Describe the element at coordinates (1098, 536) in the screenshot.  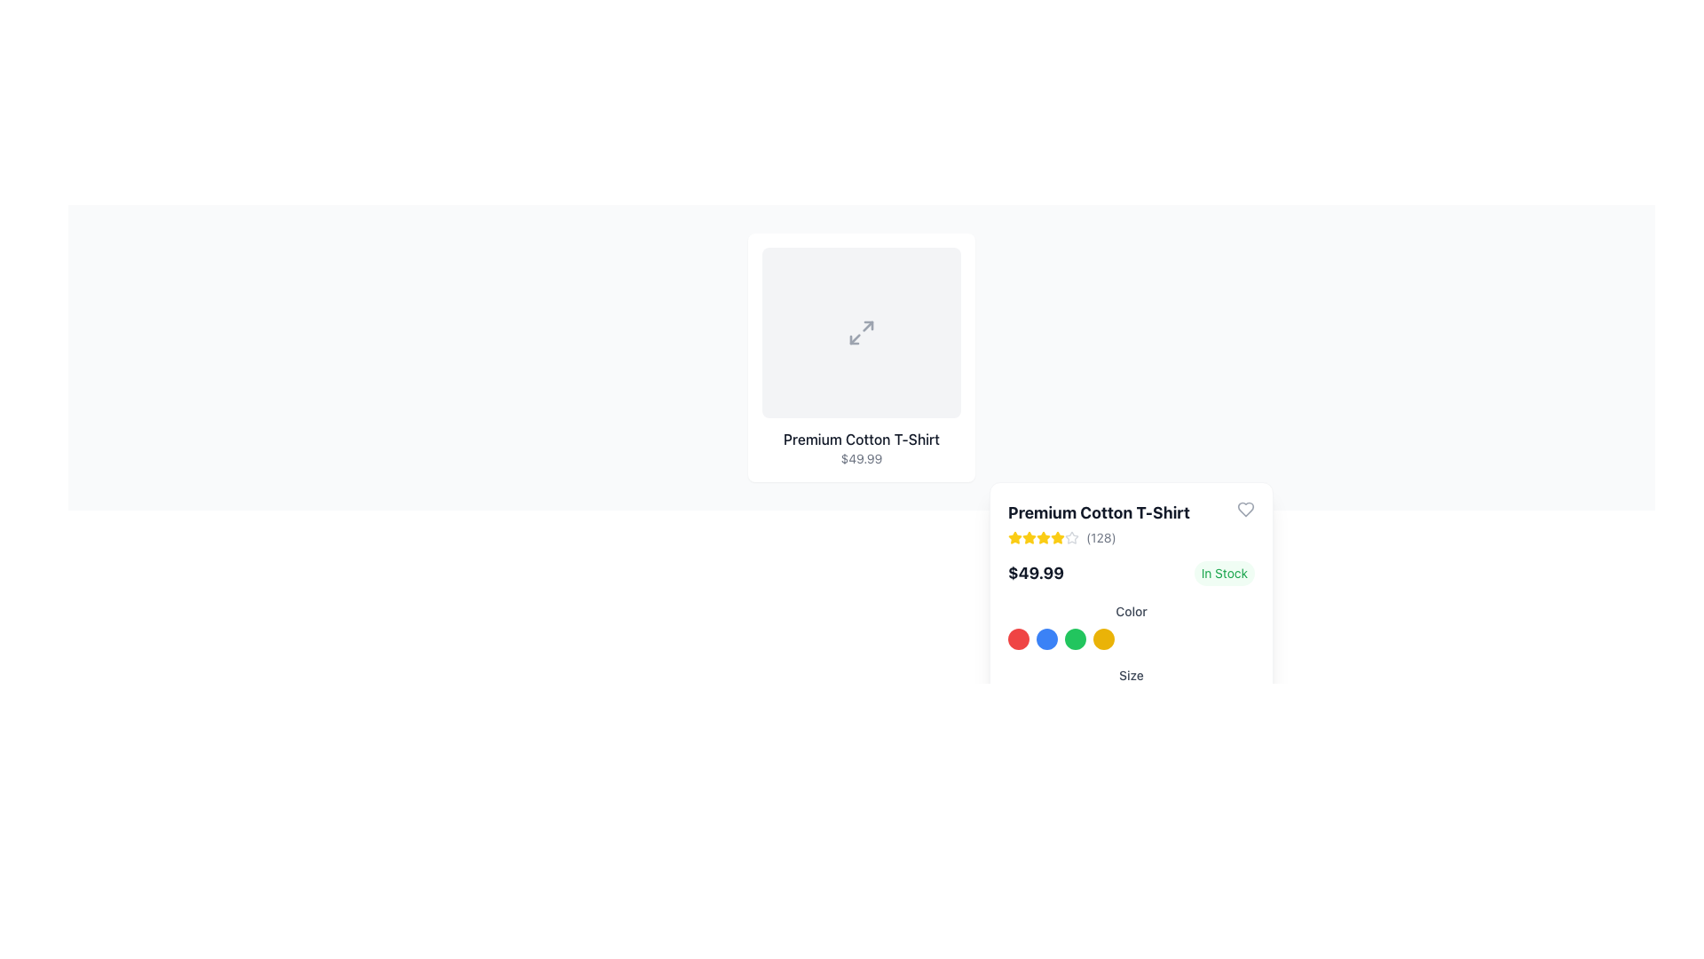
I see `the Text Display showing '(128)'` at that location.